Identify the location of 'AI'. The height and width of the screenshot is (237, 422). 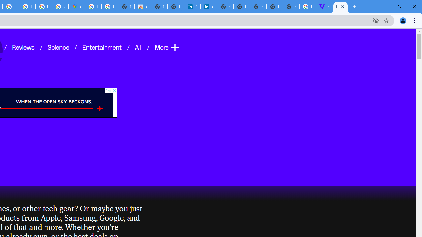
(138, 46).